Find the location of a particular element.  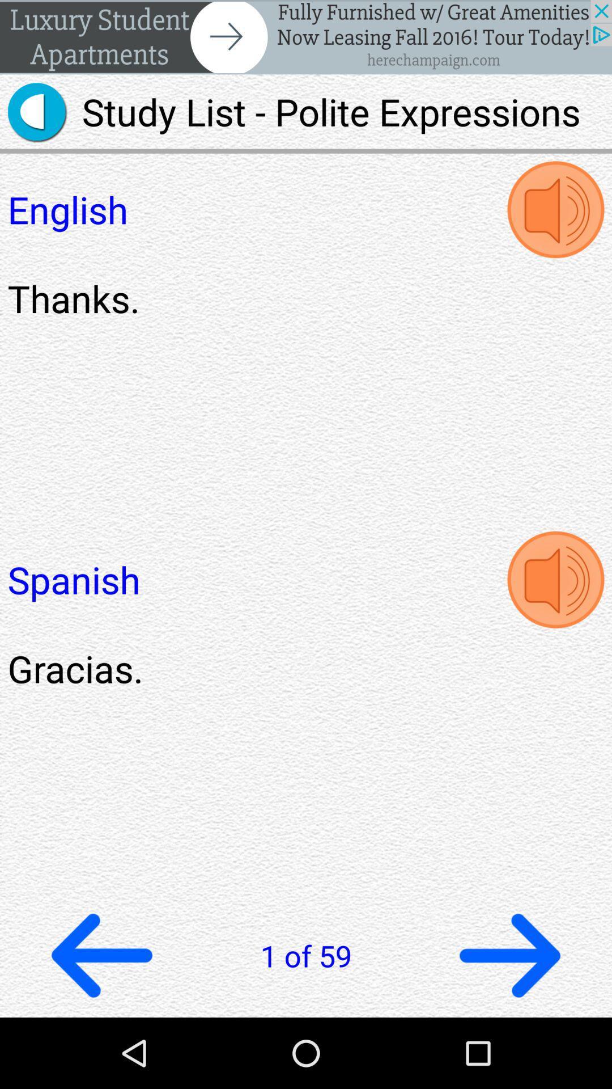

direction arrow is located at coordinates (509, 955).